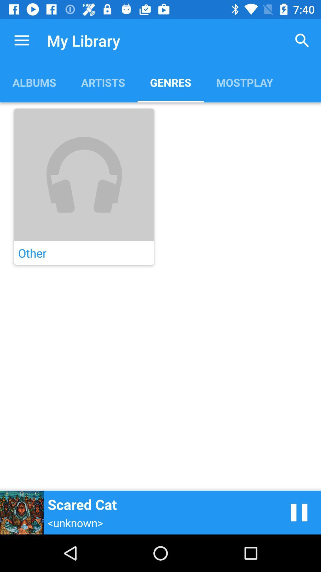 This screenshot has width=321, height=572. I want to click on the item at the bottom right corner, so click(299, 512).